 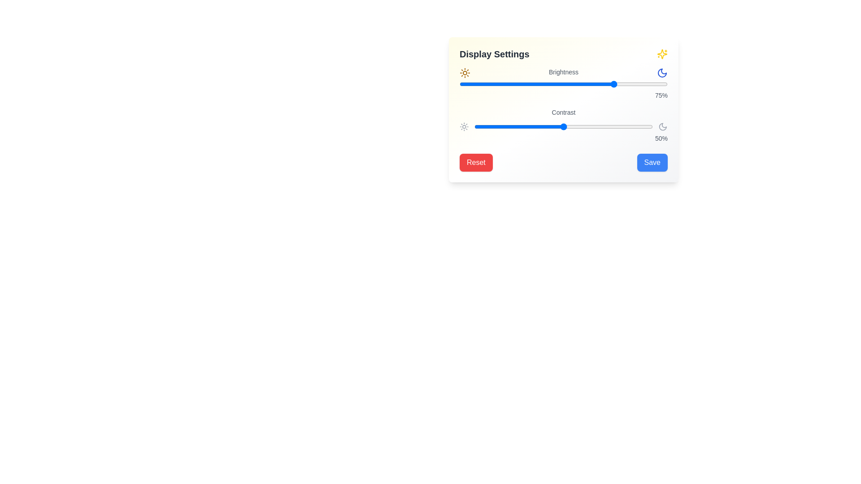 What do you see at coordinates (662, 54) in the screenshot?
I see `the sparkling decorative icon located in the top-right corner of the 'Display Settings' card-like interface` at bounding box center [662, 54].